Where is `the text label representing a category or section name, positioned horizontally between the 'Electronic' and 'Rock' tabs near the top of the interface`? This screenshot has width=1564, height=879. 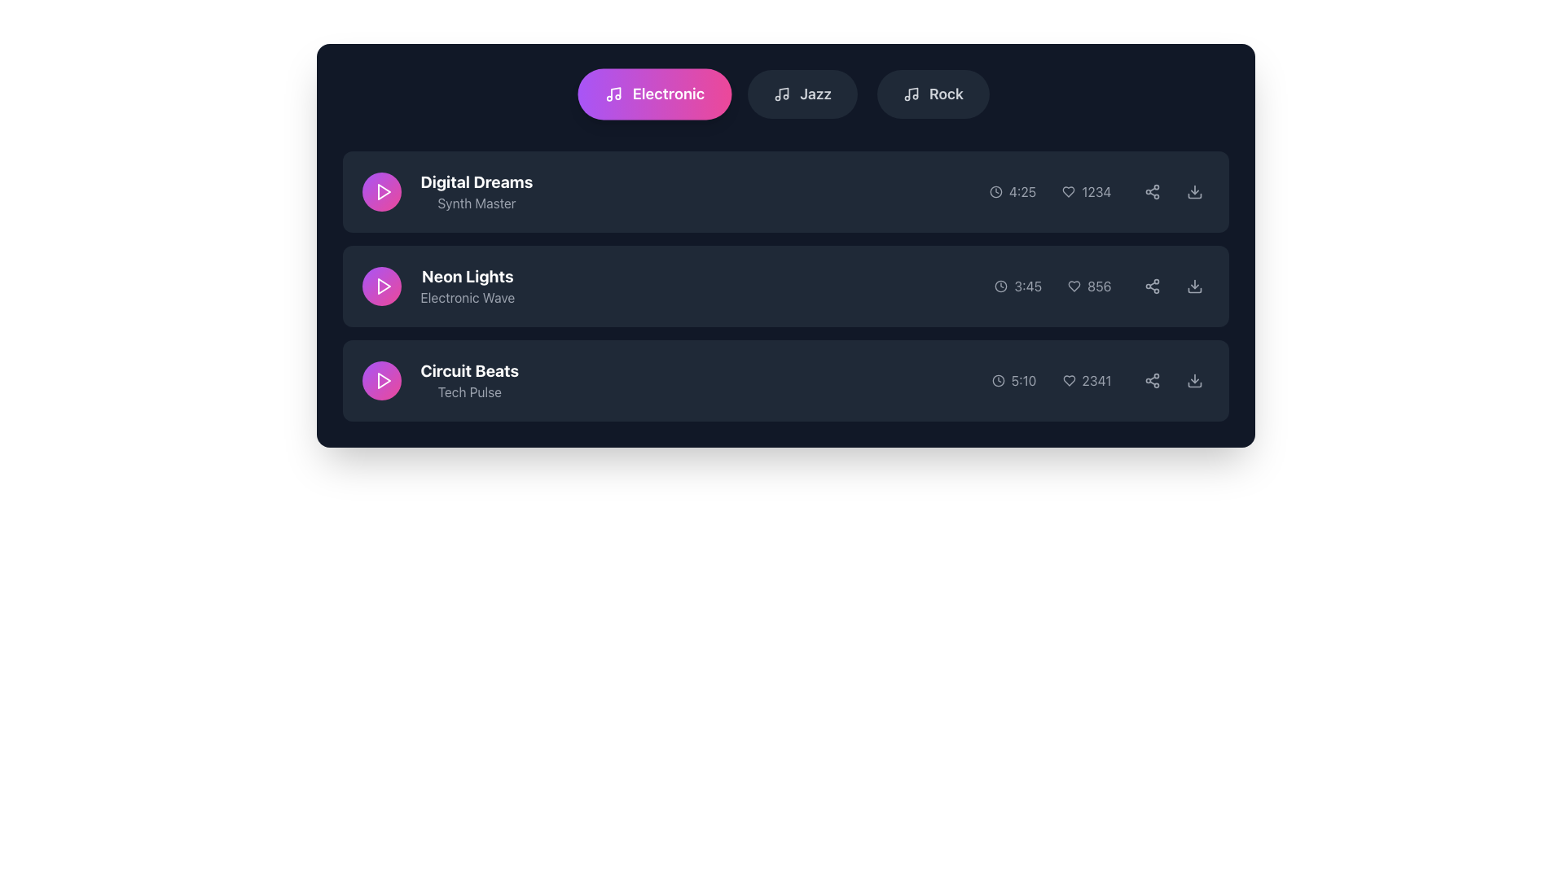 the text label representing a category or section name, positioned horizontally between the 'Electronic' and 'Rock' tabs near the top of the interface is located at coordinates (815, 94).